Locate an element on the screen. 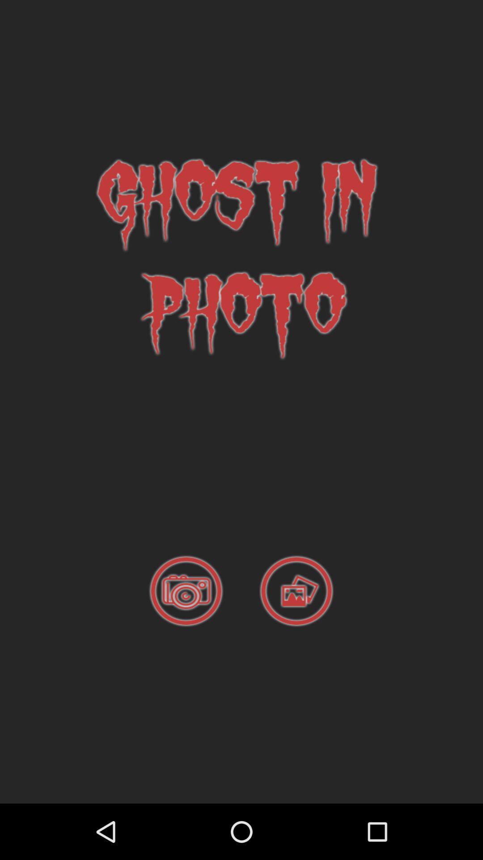 The height and width of the screenshot is (860, 483). take a photo is located at coordinates (186, 591).